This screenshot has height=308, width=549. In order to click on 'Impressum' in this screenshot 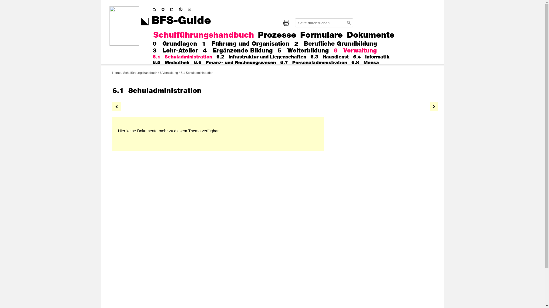, I will do `click(182, 9)`.